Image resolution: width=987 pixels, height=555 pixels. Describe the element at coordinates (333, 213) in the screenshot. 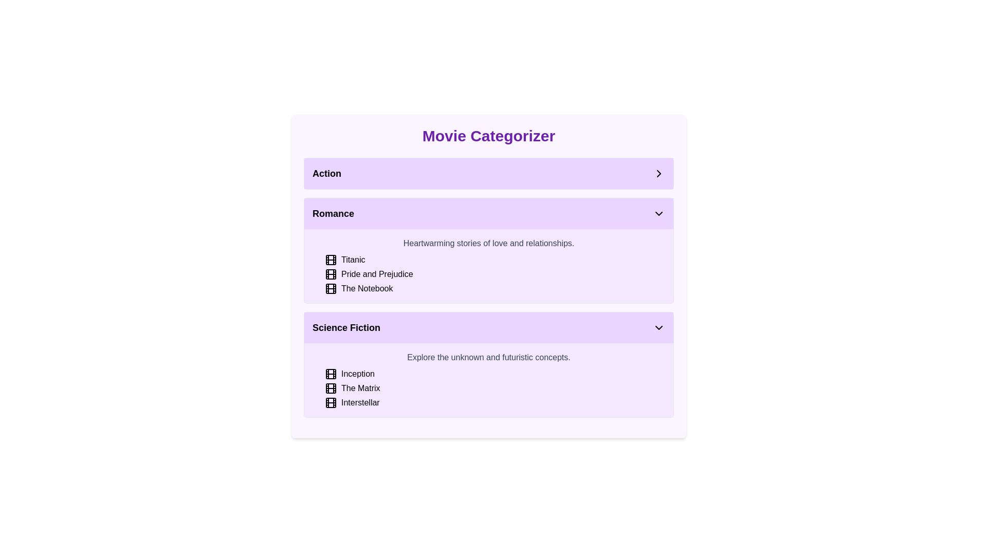

I see `the 'Romance' category label which indicates the genre for the associated section, serving as a primary textual header` at that location.